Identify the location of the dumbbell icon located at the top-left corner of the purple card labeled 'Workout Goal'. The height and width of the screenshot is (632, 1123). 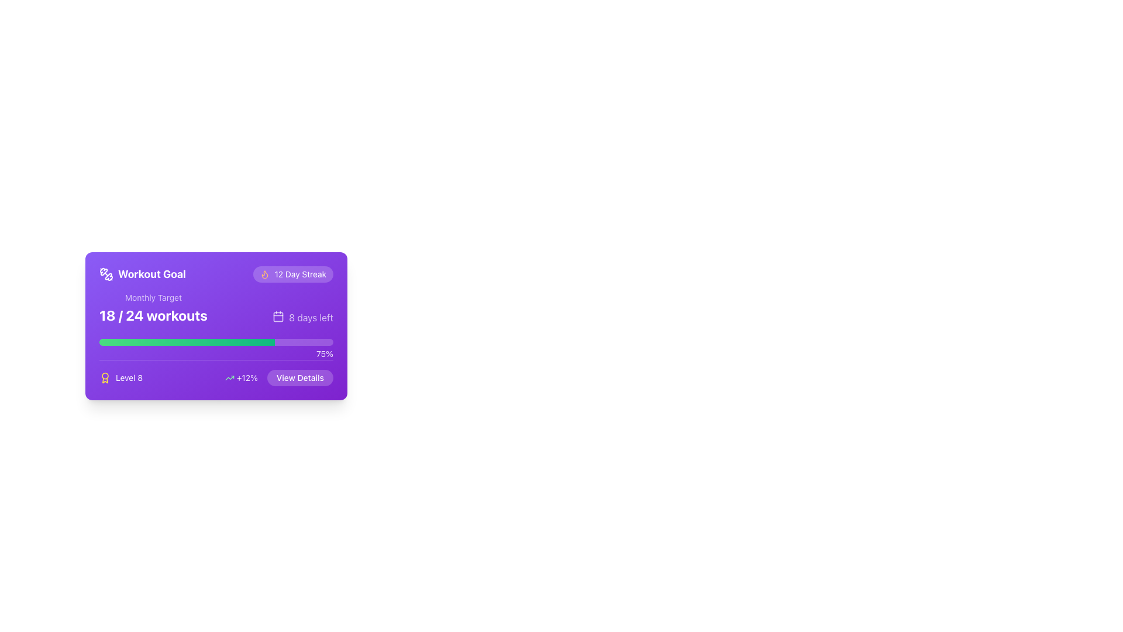
(106, 274).